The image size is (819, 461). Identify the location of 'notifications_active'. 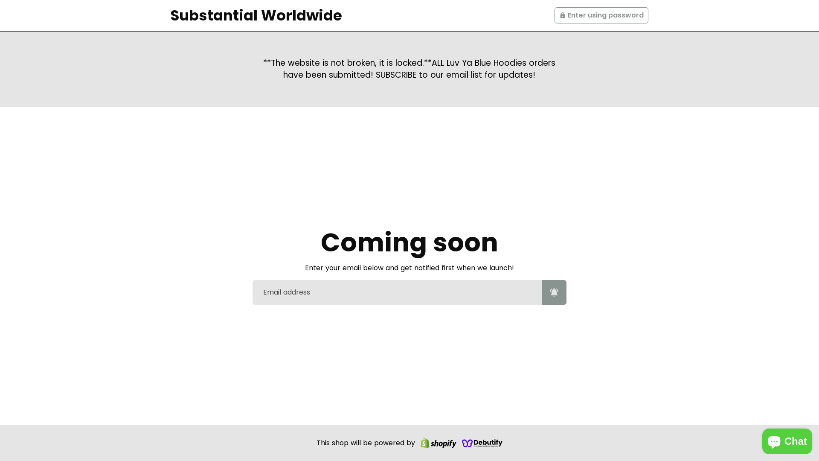
(554, 292).